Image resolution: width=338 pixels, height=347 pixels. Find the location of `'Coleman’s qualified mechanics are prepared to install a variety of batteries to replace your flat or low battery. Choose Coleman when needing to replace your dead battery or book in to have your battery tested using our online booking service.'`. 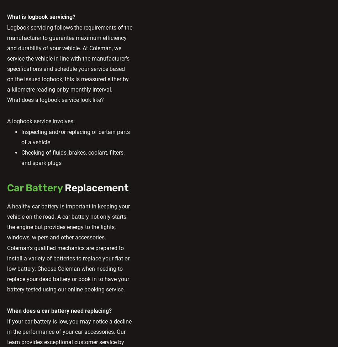

'Coleman’s qualified mechanics are prepared to install a variety of batteries to replace your flat or low battery. Choose Coleman when needing to replace your dead battery or book in to have your battery tested using our online booking service.' is located at coordinates (68, 268).